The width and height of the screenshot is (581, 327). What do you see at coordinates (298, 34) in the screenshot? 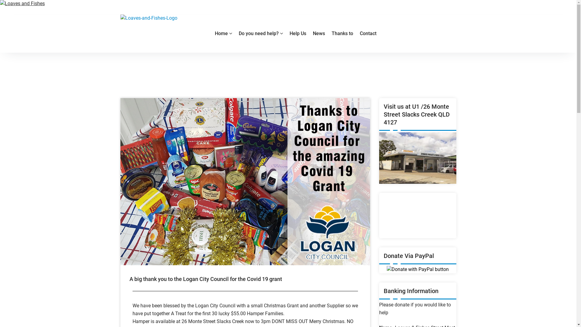
I see `'Help Us'` at bounding box center [298, 34].